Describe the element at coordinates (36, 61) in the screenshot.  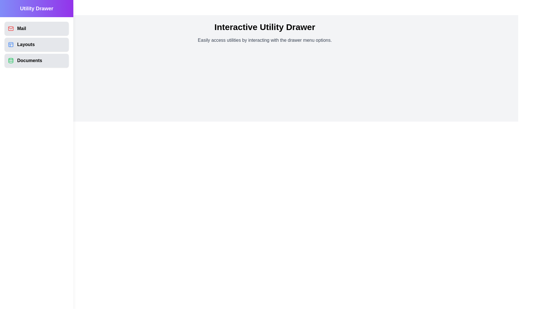
I see `the utility option Documents in the drawer` at that location.